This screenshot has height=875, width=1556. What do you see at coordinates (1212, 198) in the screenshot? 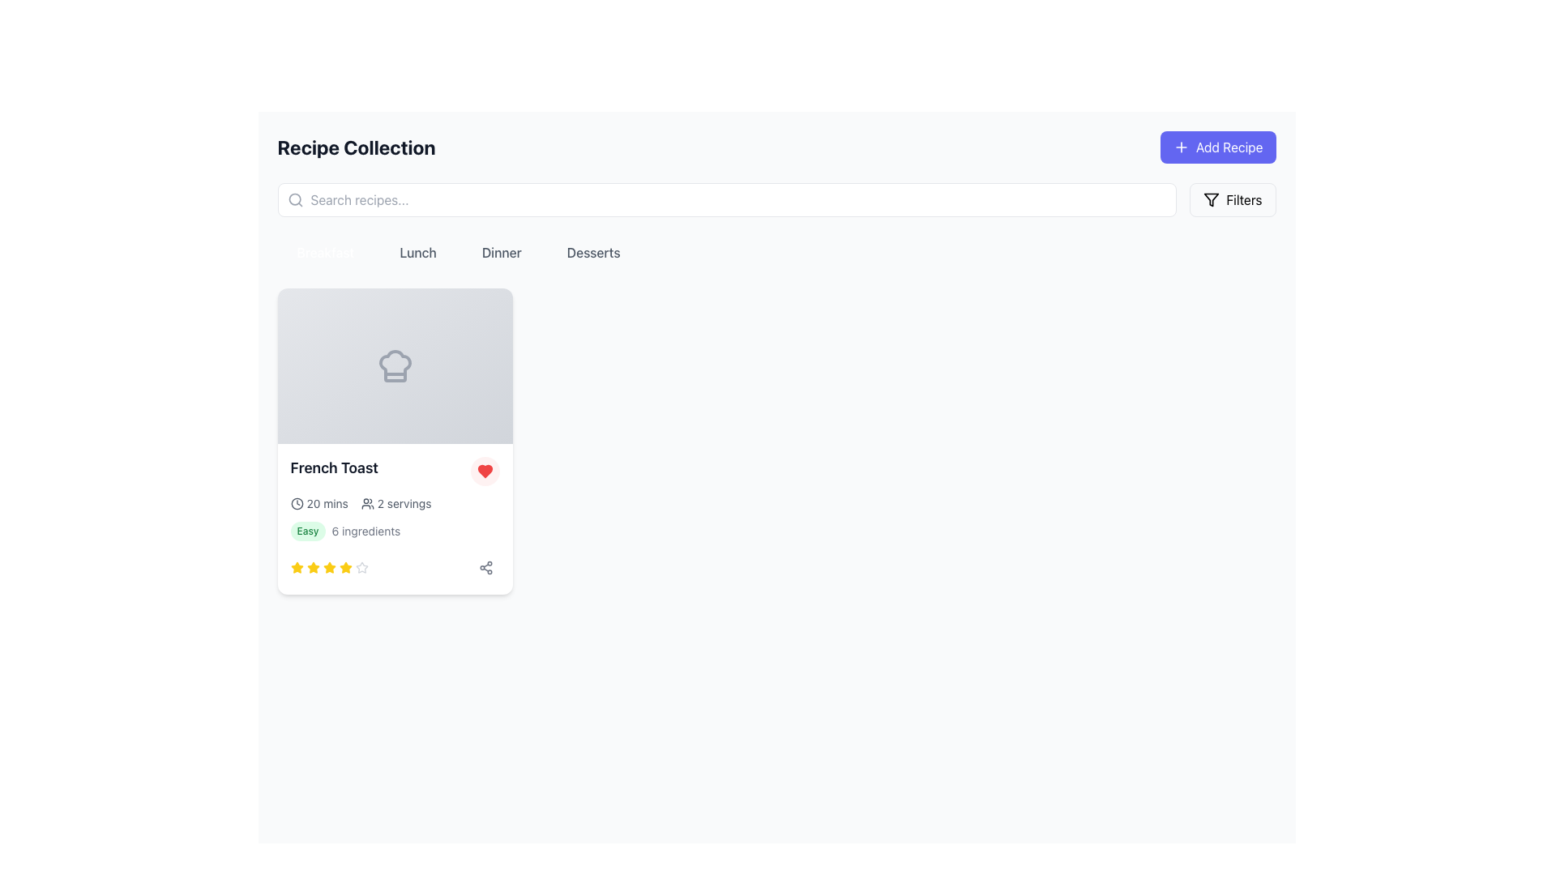
I see `the 'Filters' funnel icon located on the right side of the header section` at bounding box center [1212, 198].